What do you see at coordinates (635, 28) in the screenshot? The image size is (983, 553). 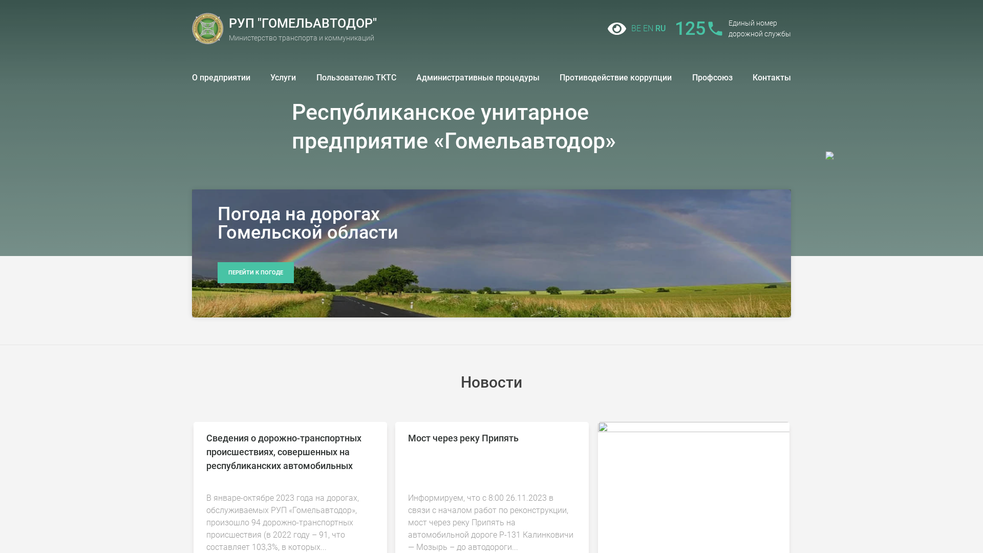 I see `'BE'` at bounding box center [635, 28].